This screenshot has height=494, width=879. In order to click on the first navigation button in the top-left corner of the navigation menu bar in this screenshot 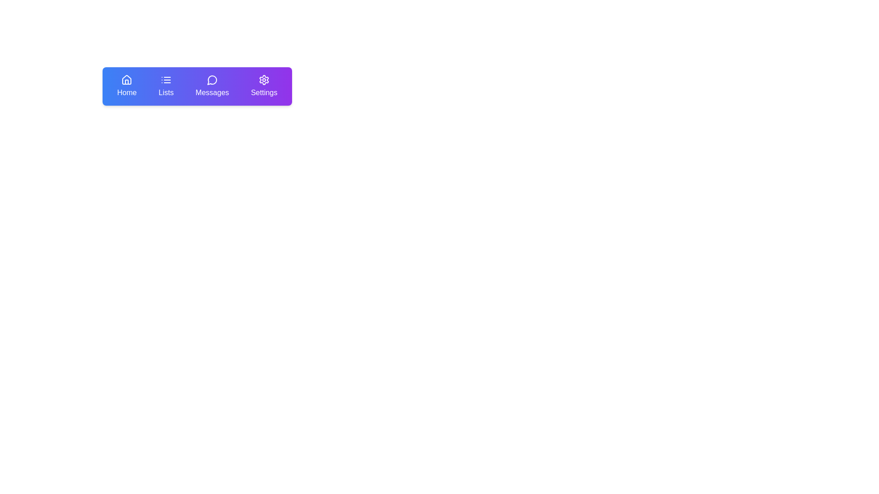, I will do `click(126, 86)`.